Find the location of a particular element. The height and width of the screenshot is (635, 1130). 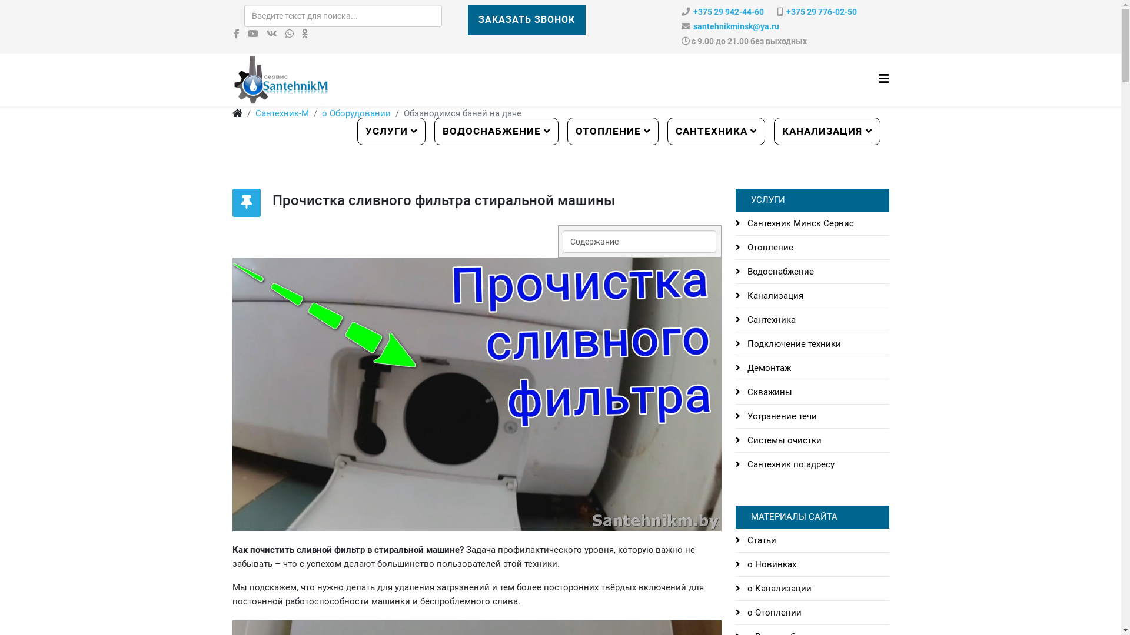

'santehnikminsk@ya.ru' is located at coordinates (736, 26).